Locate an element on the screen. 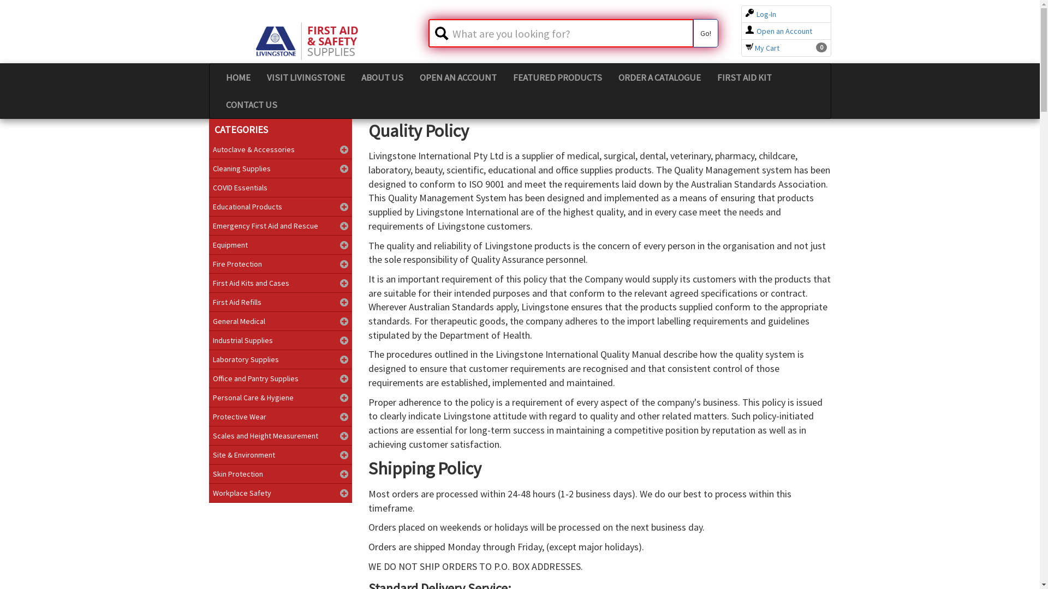  'Office and Pantry Supplies' is located at coordinates (280, 378).